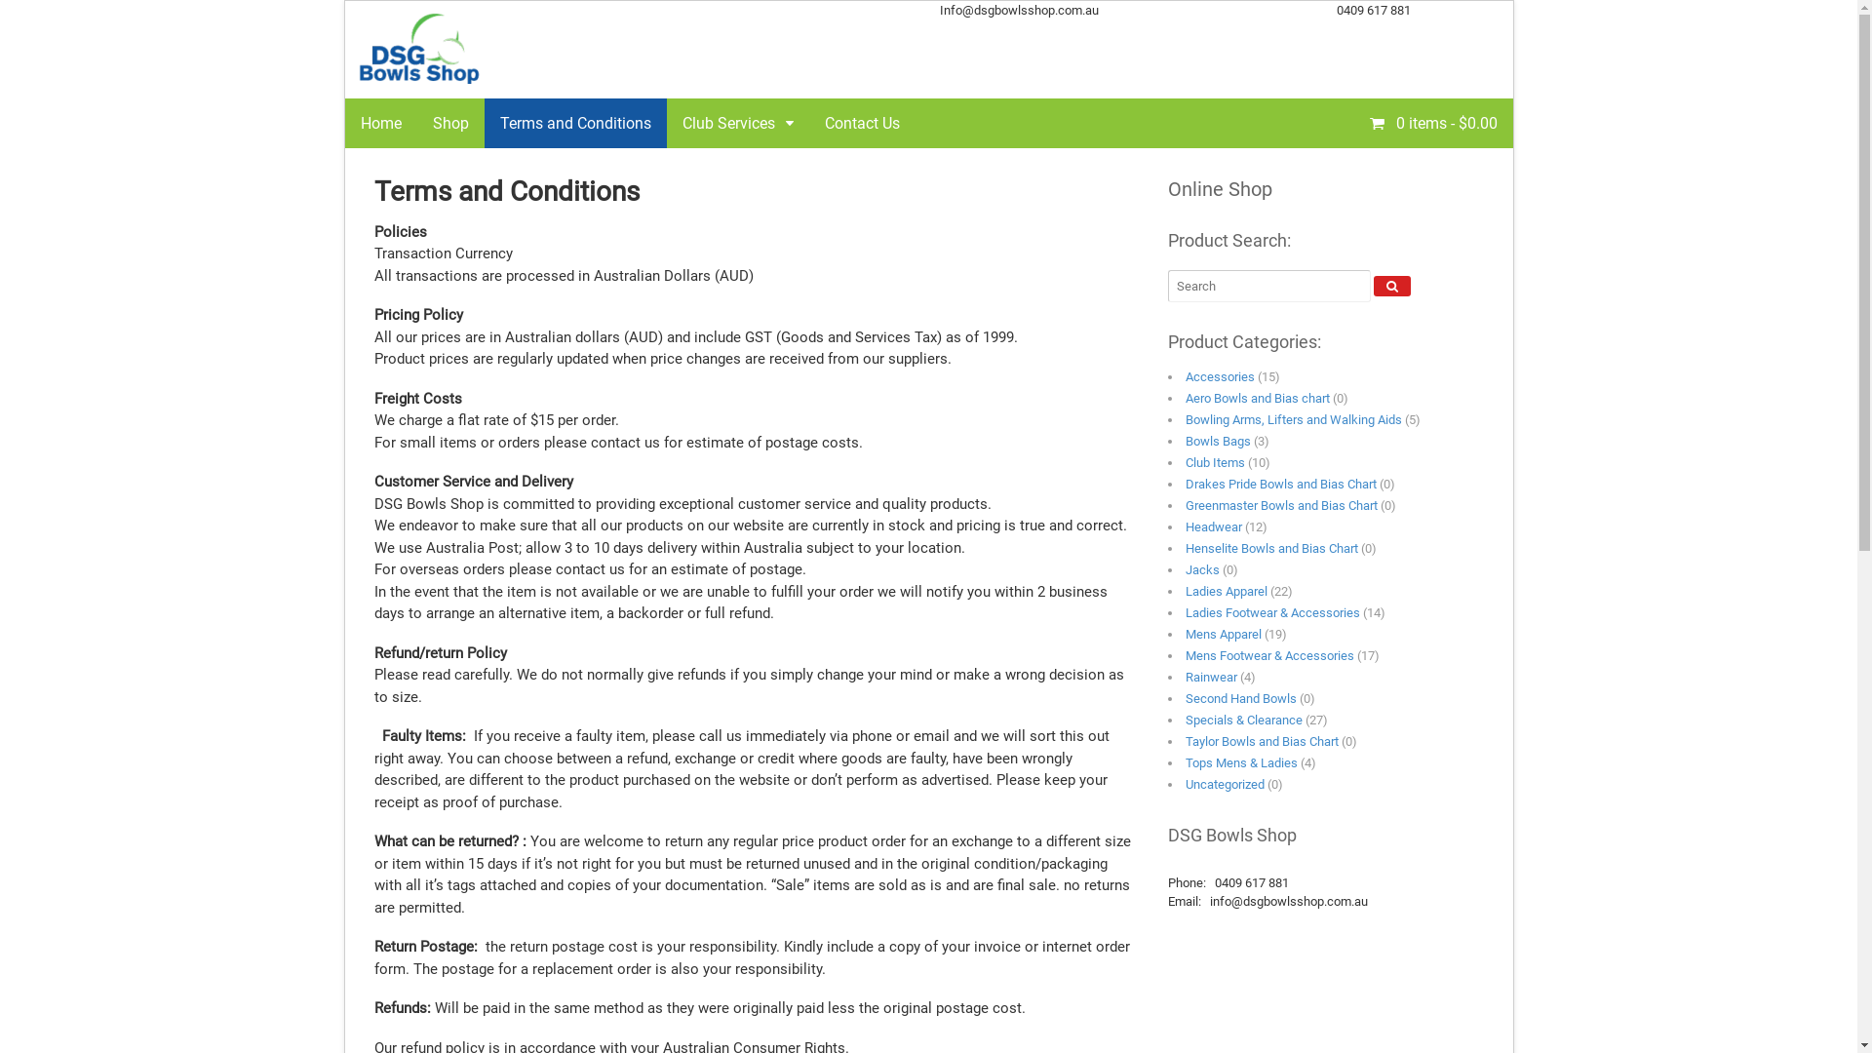 This screenshot has height=1053, width=1872. I want to click on 'Second Hand Bowls', so click(1239, 697).